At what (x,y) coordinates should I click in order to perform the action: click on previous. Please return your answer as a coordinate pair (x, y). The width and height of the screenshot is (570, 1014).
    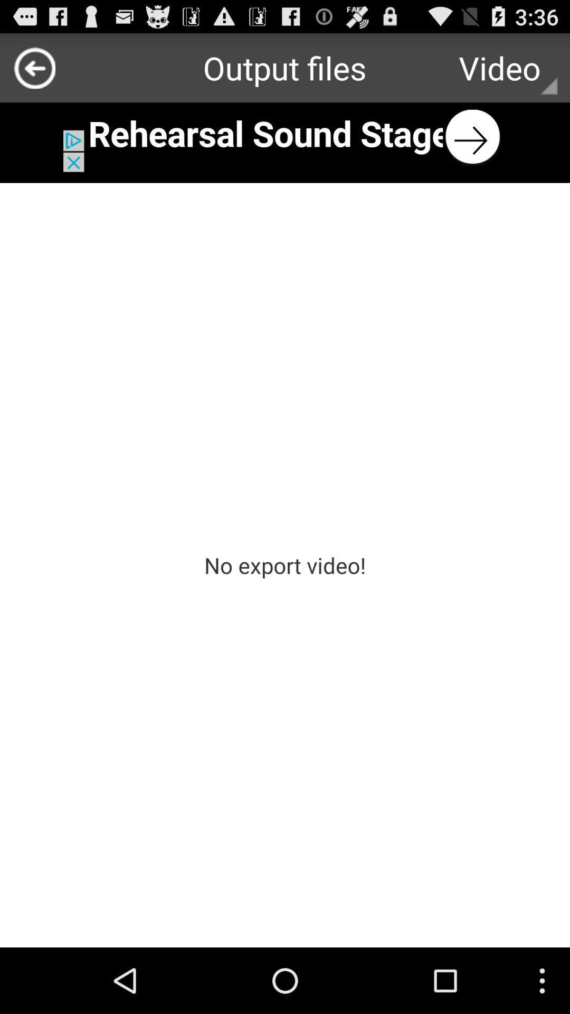
    Looking at the image, I should click on (34, 67).